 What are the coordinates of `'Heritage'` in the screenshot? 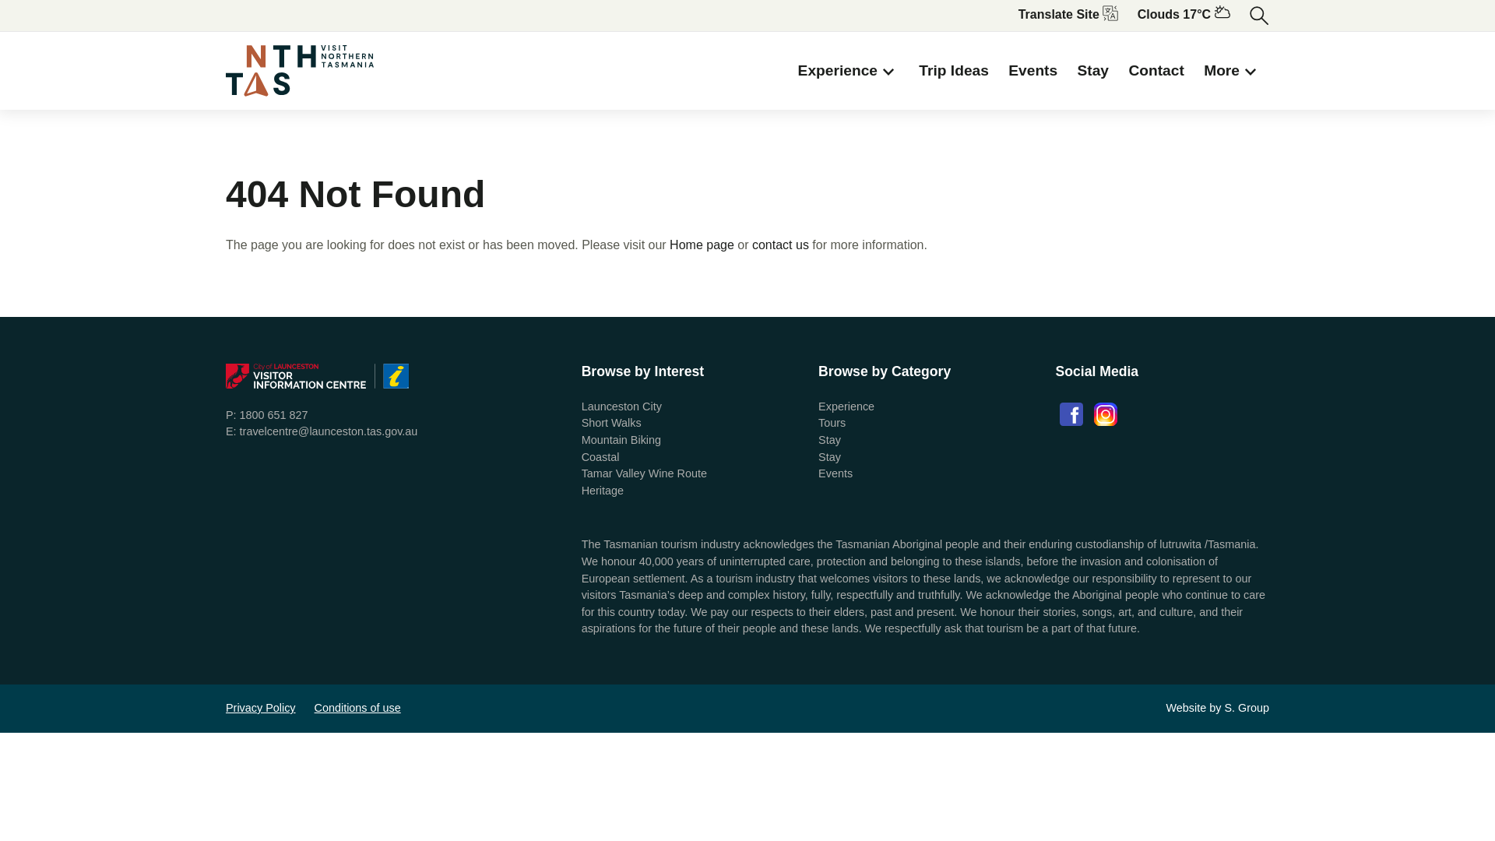 It's located at (581, 489).